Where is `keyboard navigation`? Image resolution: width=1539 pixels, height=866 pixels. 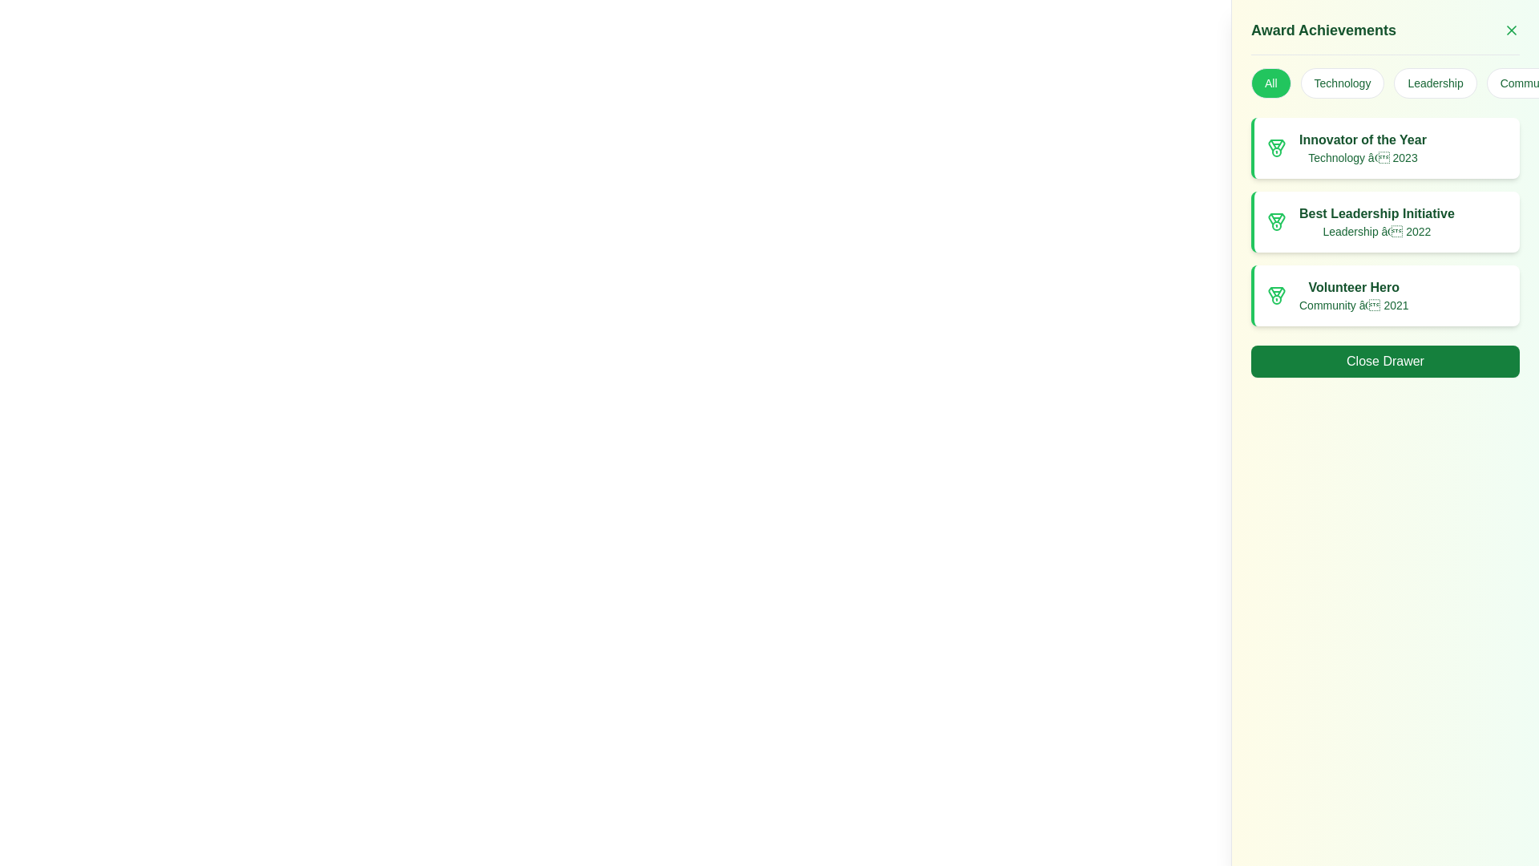 keyboard navigation is located at coordinates (1384, 83).